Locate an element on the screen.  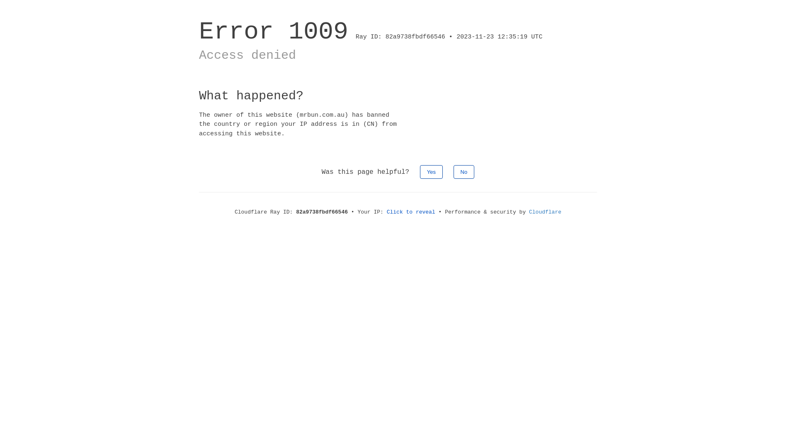
'No' is located at coordinates (453, 171).